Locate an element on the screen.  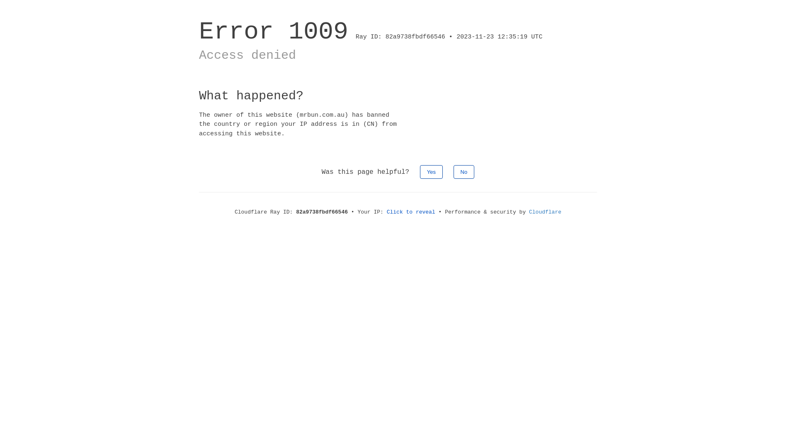
'No' is located at coordinates (453, 171).